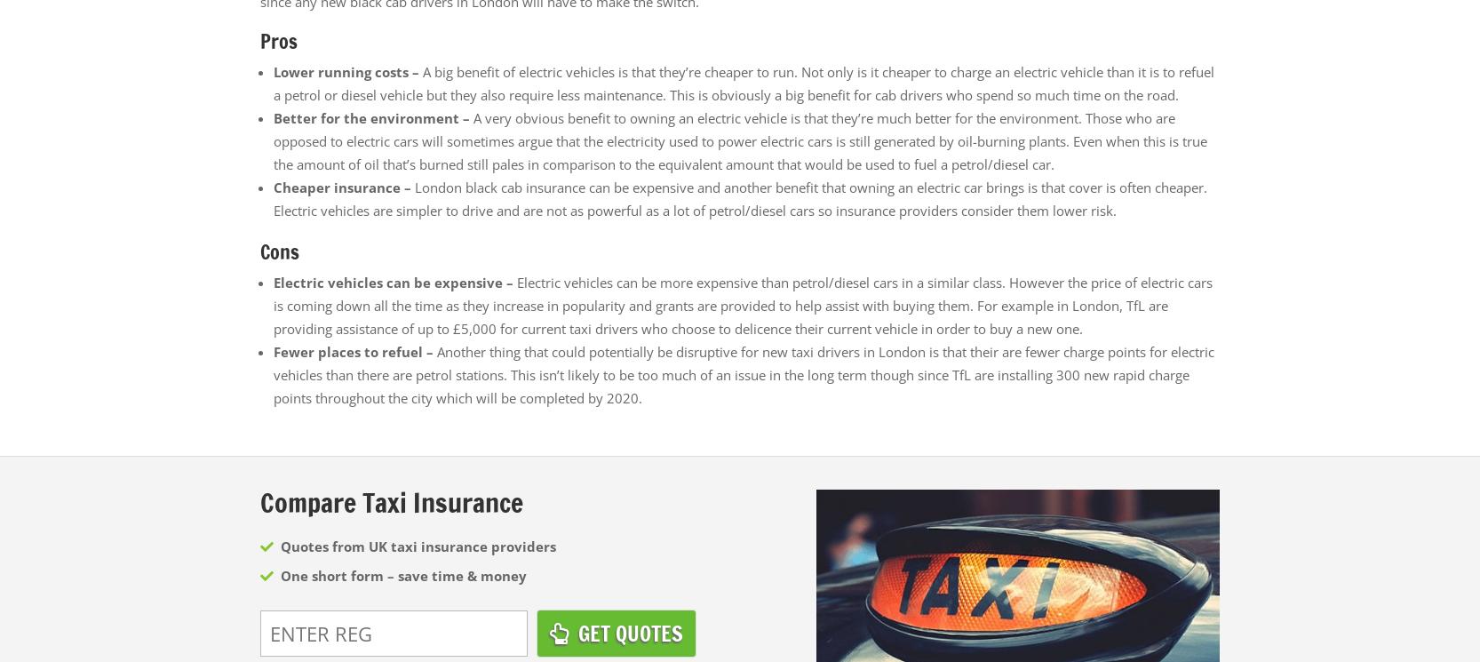  I want to click on 'A very obvious benefit to owning an electric vehicle is that they’re much better for the environment. Those who are opposed to electric cars will sometimes argue that the electricity used to power electric cars is still generated by oil-burning plants. Even when this is true the amount of oil that’s burned still pales in comparison to the equivalent amount that would be used to fuel a petrol/diesel car.', so click(273, 140).